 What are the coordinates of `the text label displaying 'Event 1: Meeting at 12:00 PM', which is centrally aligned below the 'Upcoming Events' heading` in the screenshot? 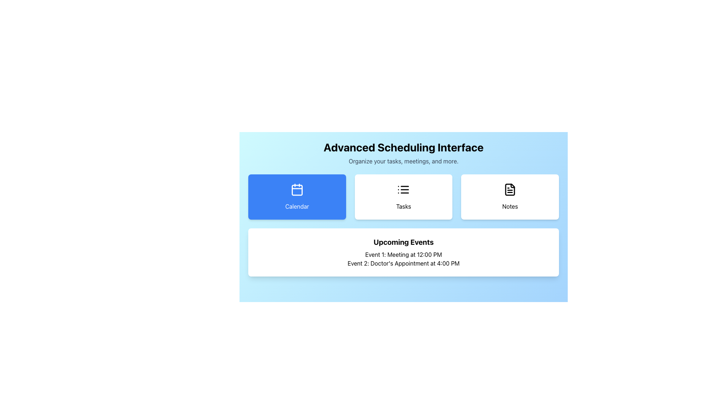 It's located at (403, 254).